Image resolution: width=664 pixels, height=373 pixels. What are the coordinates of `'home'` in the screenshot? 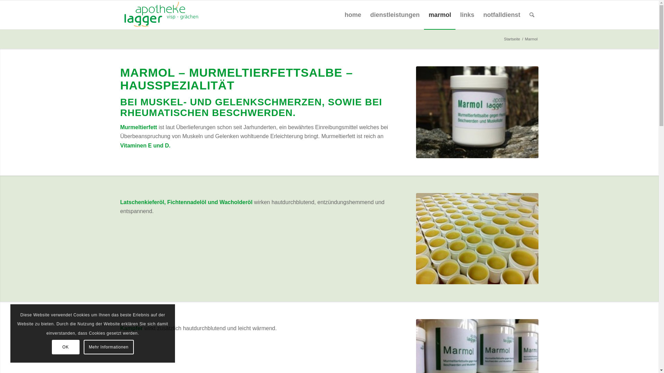 It's located at (352, 15).